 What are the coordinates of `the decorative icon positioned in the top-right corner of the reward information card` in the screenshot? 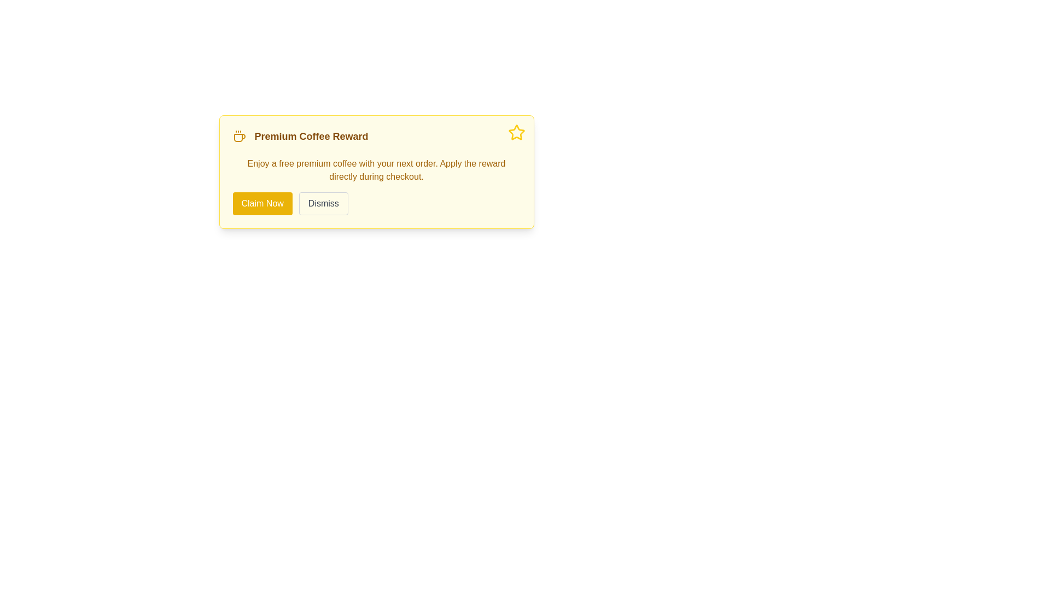 It's located at (516, 132).